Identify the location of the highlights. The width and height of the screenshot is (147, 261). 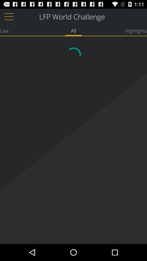
(136, 30).